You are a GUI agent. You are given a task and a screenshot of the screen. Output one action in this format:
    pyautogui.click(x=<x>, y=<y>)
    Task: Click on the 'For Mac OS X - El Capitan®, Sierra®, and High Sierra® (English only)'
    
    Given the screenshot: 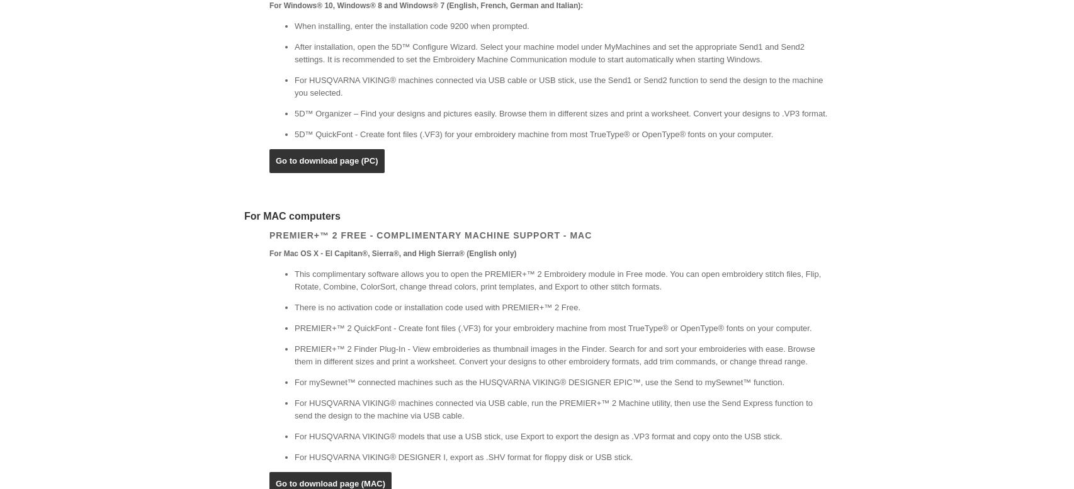 What is the action you would take?
    pyautogui.click(x=392, y=253)
    